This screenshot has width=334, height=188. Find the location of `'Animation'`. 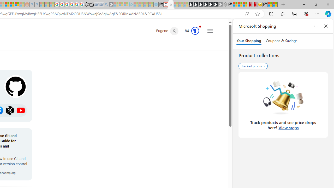

'Animation' is located at coordinates (200, 26).